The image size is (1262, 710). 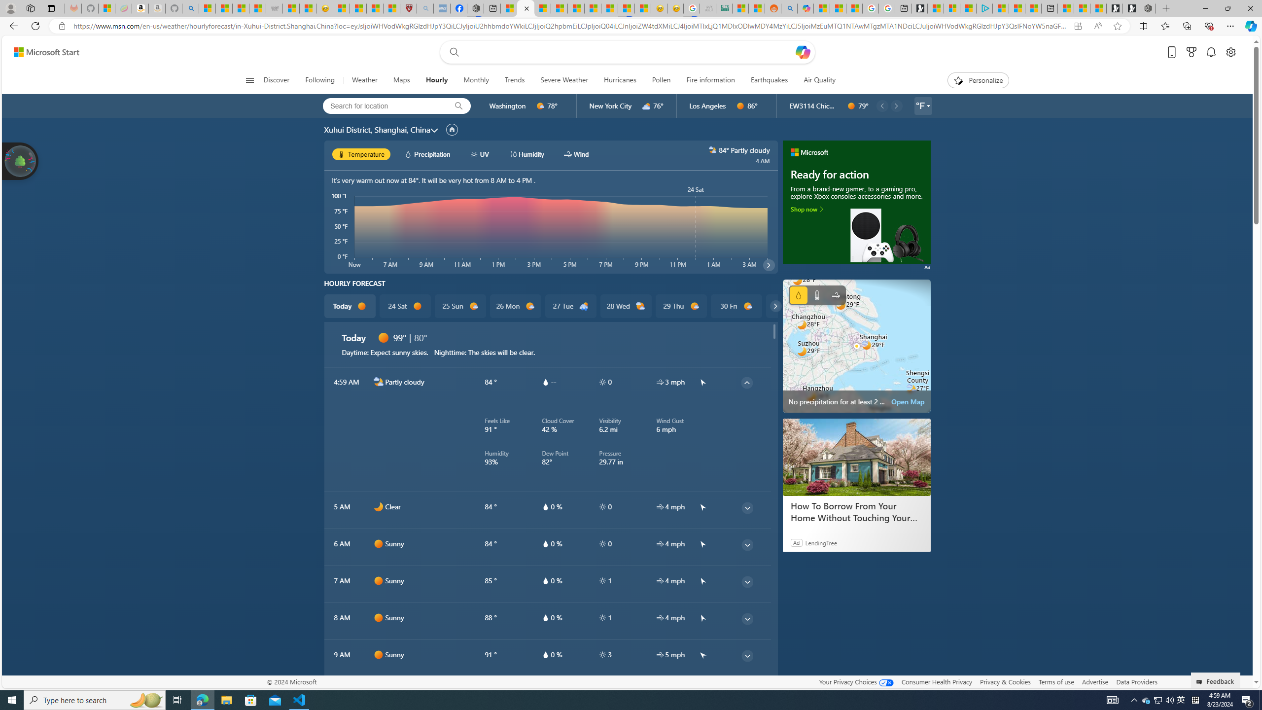 What do you see at coordinates (1077, 26) in the screenshot?
I see `'App available. Install Microsoft Start Weather'` at bounding box center [1077, 26].